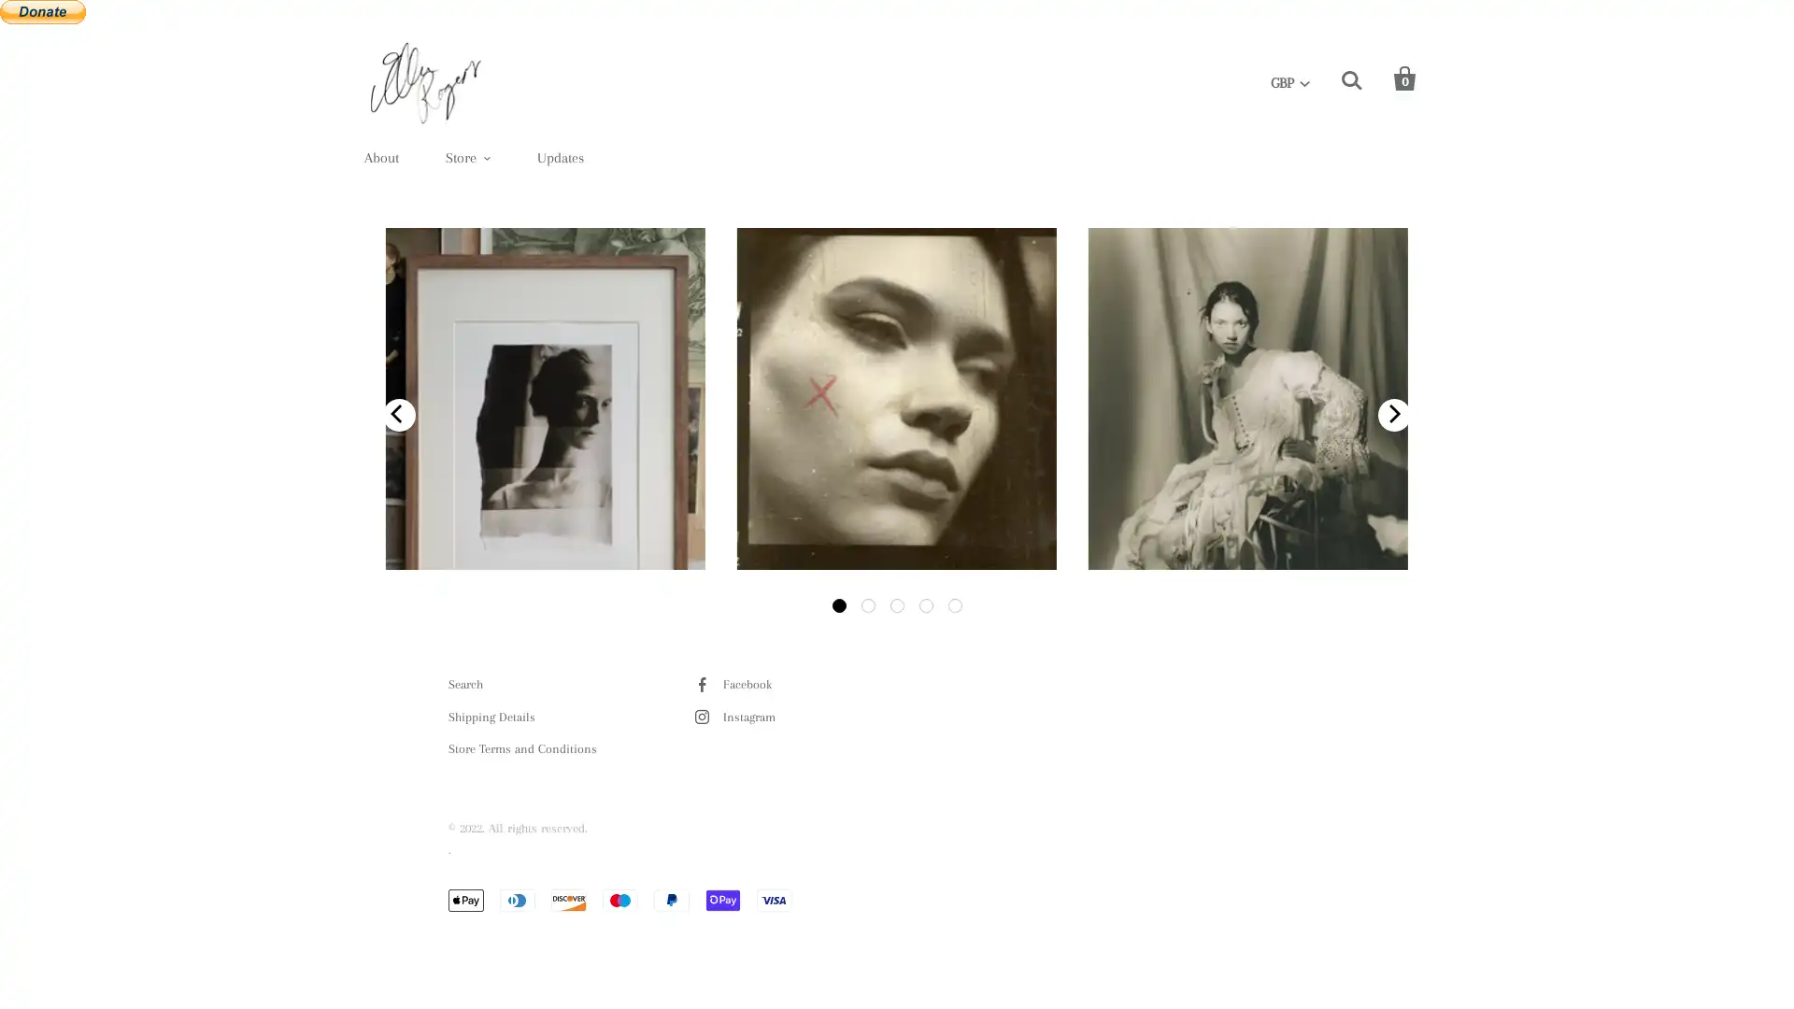  I want to click on next, so click(1394, 506).